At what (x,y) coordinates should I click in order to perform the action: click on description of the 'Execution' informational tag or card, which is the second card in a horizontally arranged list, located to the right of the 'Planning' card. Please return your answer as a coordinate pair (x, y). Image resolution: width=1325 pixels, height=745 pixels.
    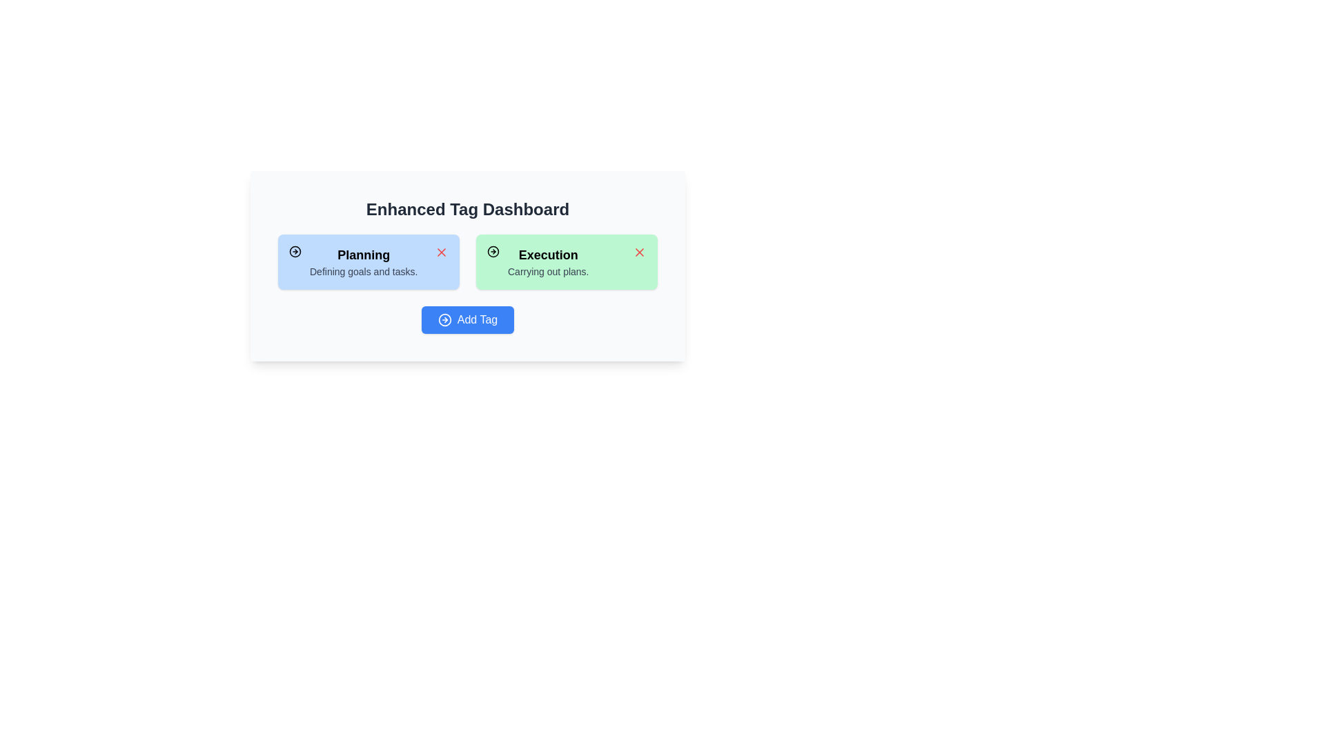
    Looking at the image, I should click on (537, 262).